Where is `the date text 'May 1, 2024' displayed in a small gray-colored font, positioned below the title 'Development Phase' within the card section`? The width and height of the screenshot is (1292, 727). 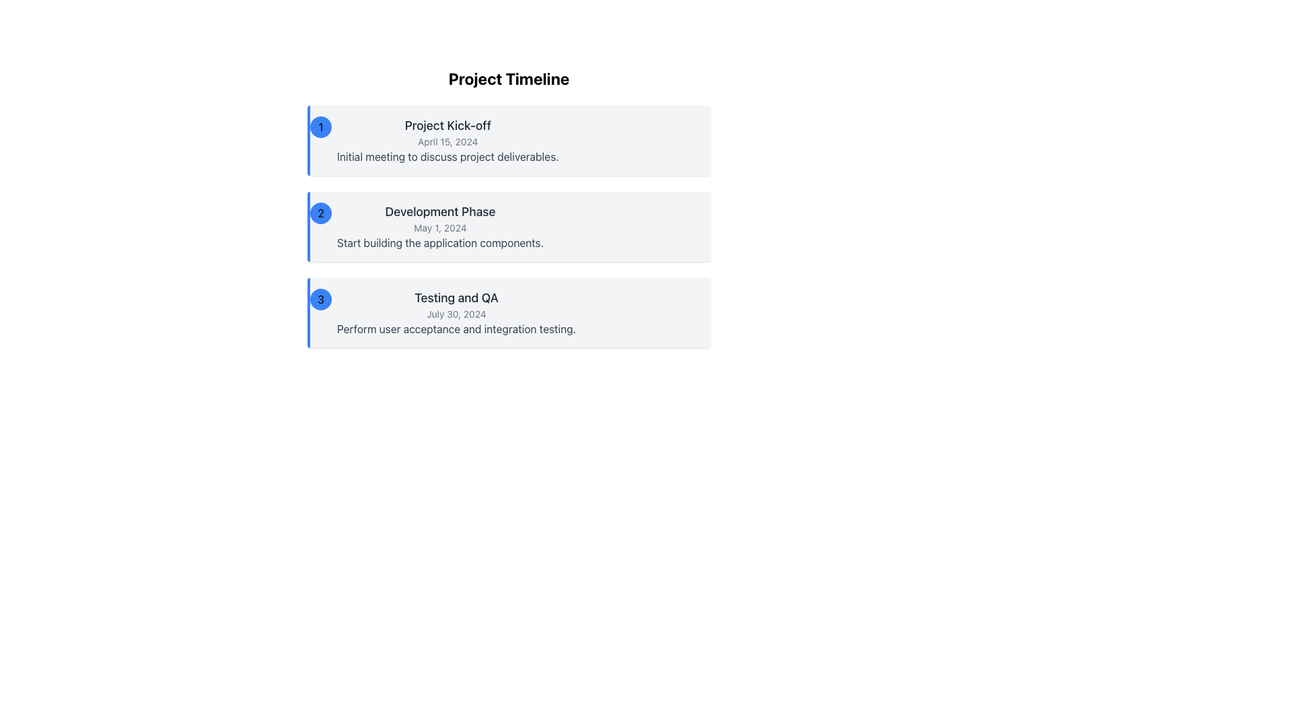
the date text 'May 1, 2024' displayed in a small gray-colored font, positioned below the title 'Development Phase' within the card section is located at coordinates (440, 228).